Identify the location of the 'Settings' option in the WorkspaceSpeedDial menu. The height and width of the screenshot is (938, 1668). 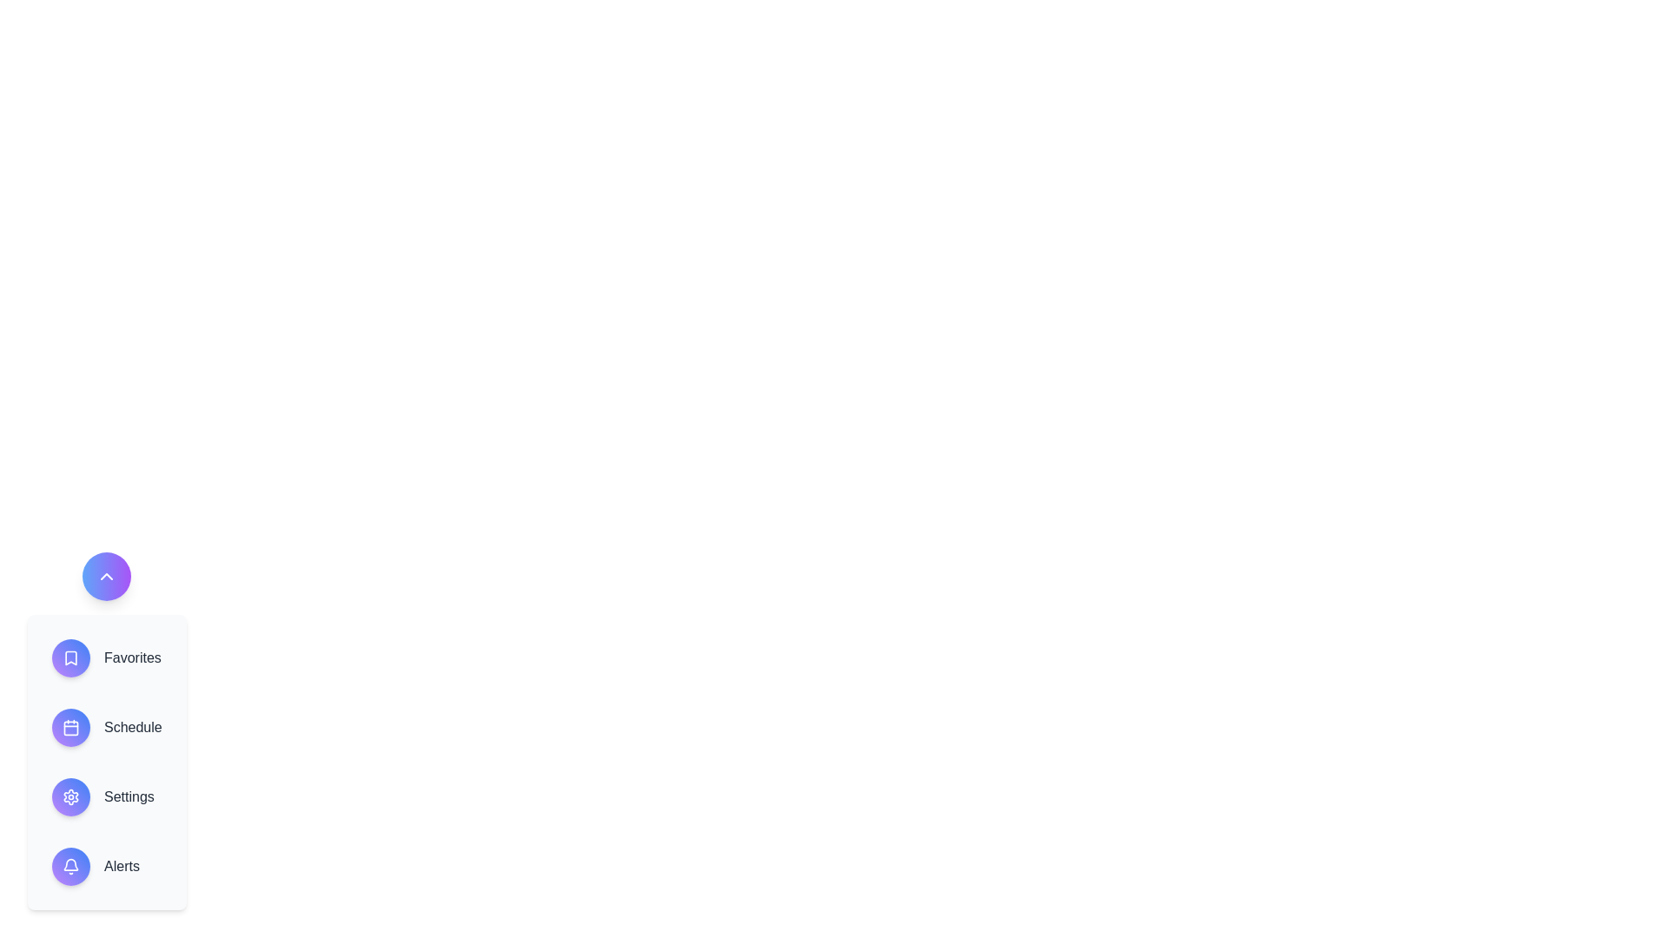
(128, 797).